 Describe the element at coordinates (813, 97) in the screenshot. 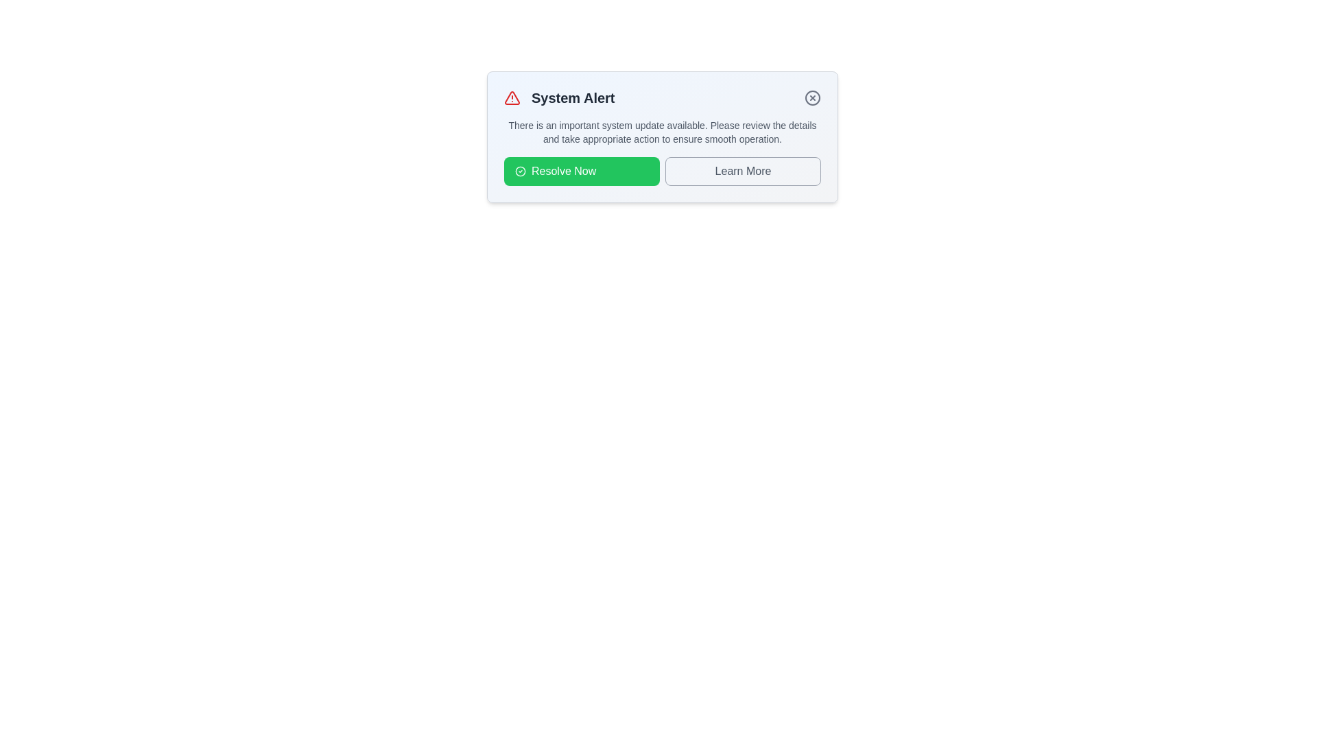

I see `the close button to observe its hover effect` at that location.